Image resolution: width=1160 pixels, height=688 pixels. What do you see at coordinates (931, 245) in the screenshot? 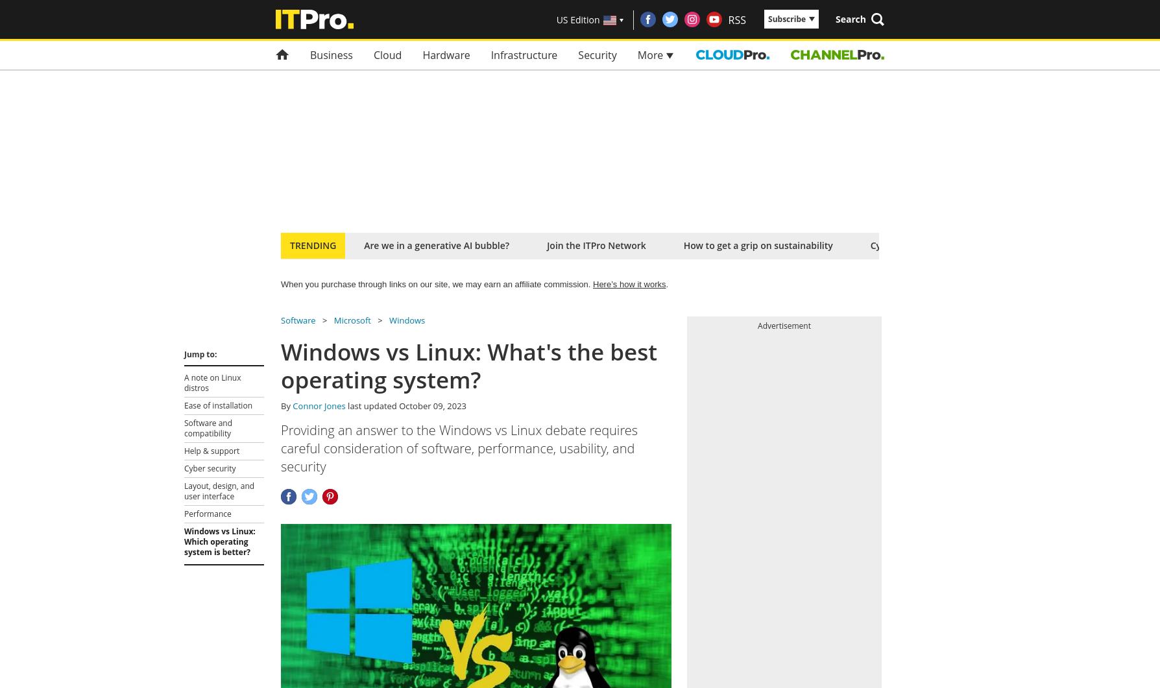
I see `'Cyber security tips for SMBs'` at bounding box center [931, 245].